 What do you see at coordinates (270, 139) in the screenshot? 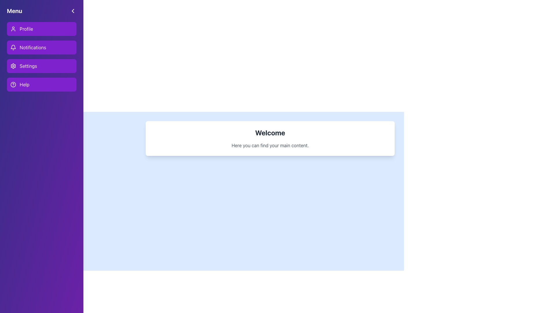
I see `the prominent content box displaying 'Welcome' with a white background and rounded corners` at bounding box center [270, 139].